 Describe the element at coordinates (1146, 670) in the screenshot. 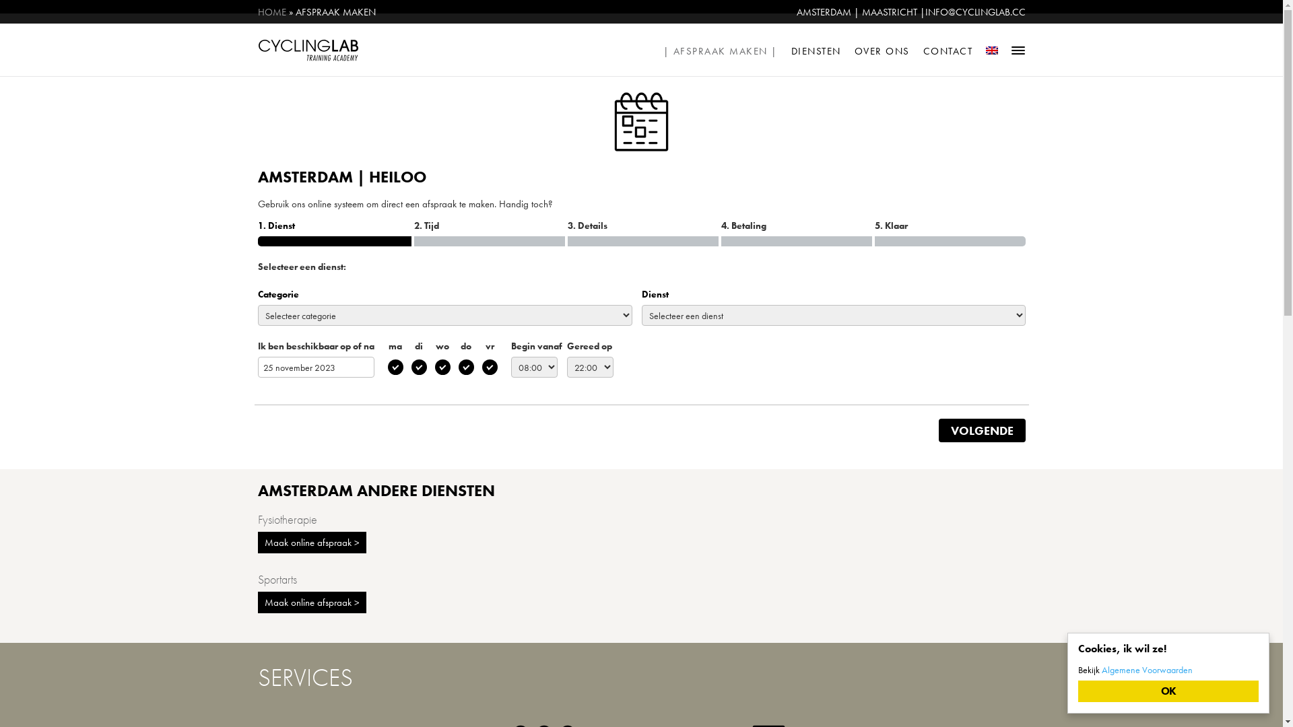

I see `'Algemene Voorwaarden'` at that location.